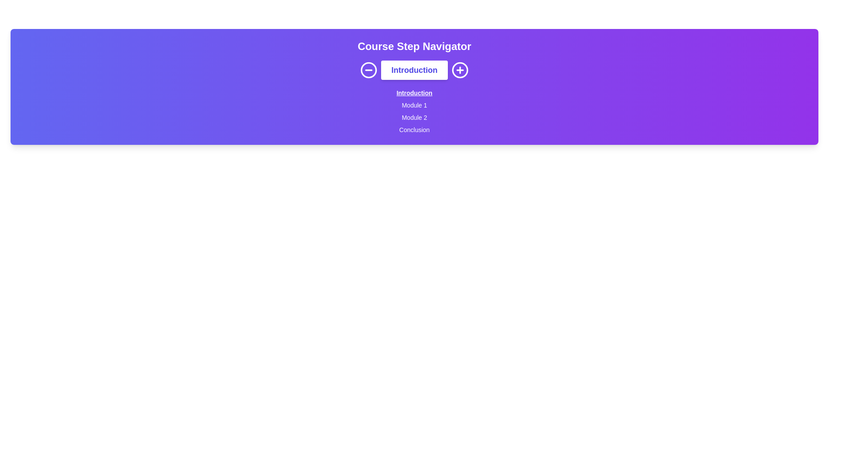 The height and width of the screenshot is (474, 843). Describe the element at coordinates (414, 69) in the screenshot. I see `the step indicator button for the current course module located in the purple header section labeled 'Course Step Navigator'` at that location.